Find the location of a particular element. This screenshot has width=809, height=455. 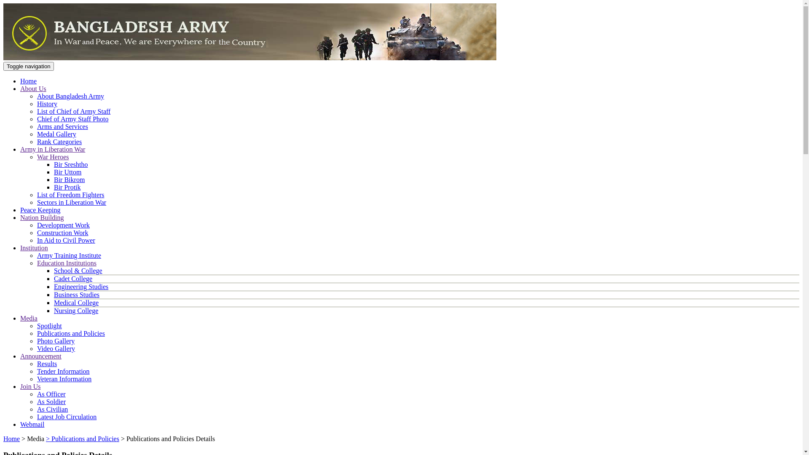

'War Heroes' is located at coordinates (52, 157).